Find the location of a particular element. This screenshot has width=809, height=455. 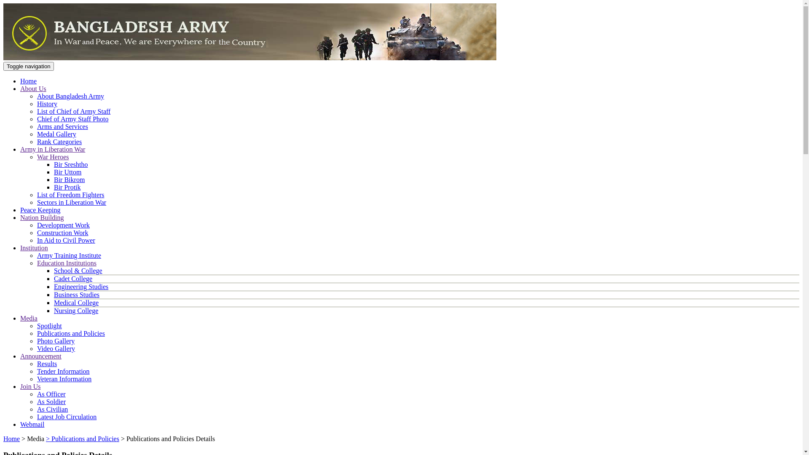

'War Heroes' is located at coordinates (52, 157).